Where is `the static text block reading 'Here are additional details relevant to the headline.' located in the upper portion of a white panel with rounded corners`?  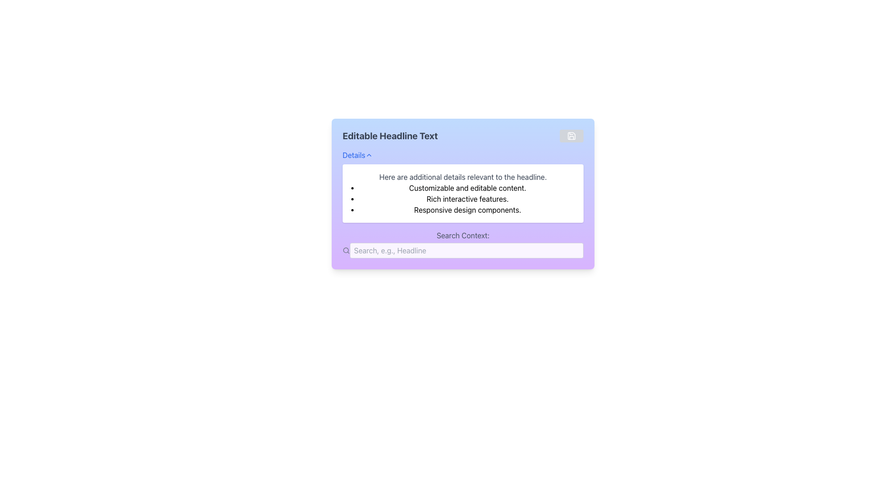 the static text block reading 'Here are additional details relevant to the headline.' located in the upper portion of a white panel with rounded corners is located at coordinates (463, 177).